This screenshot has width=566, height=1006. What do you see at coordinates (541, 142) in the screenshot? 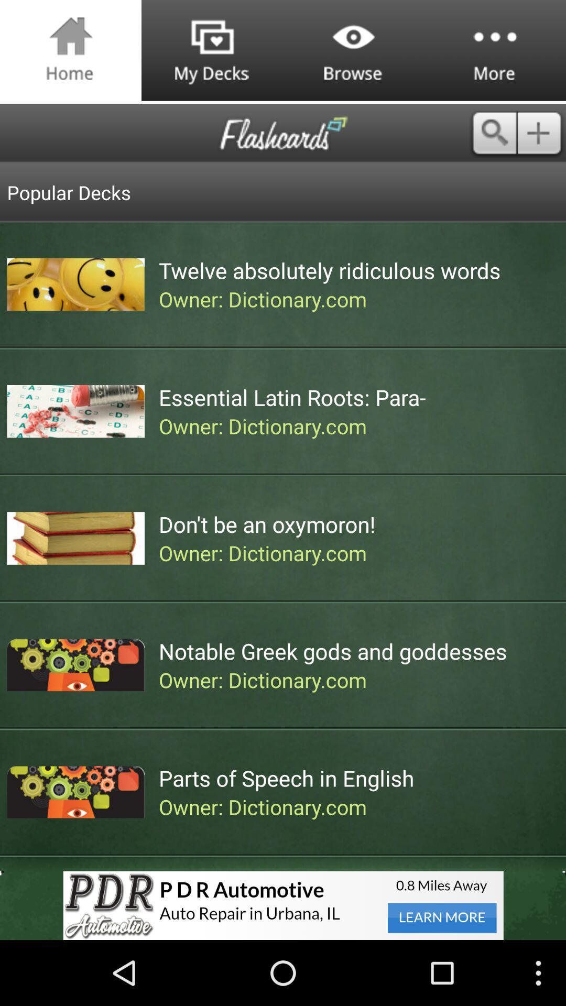
I see `the add icon` at bounding box center [541, 142].